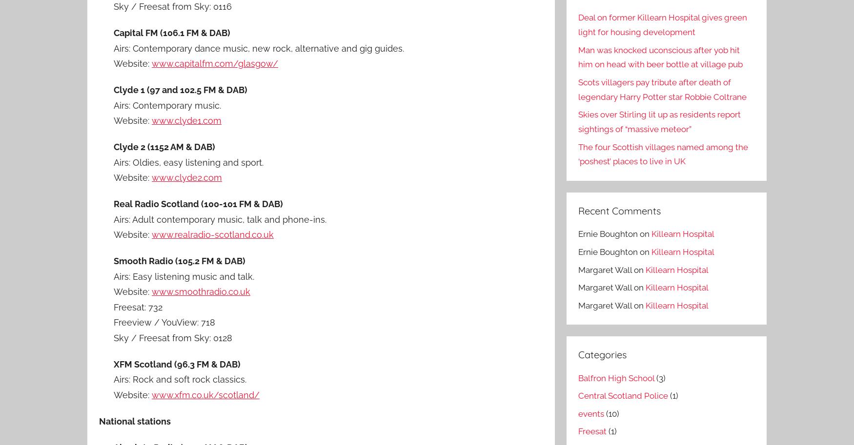 This screenshot has height=445, width=854. I want to click on 'Airs: Easy listening music and talk.', so click(113, 275).